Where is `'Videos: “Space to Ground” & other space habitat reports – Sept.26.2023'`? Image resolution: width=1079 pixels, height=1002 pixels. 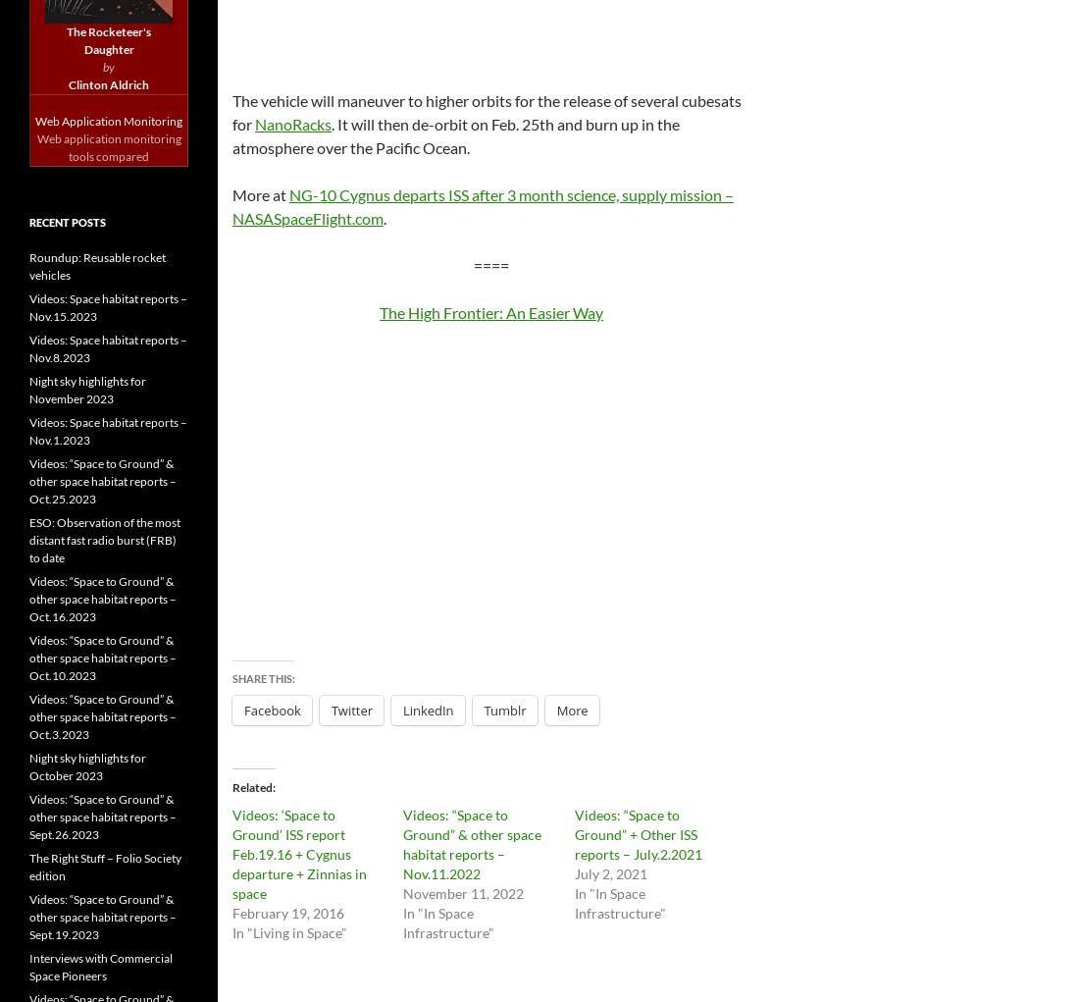 'Videos: “Space to Ground” & other space habitat reports – Sept.26.2023' is located at coordinates (103, 817).